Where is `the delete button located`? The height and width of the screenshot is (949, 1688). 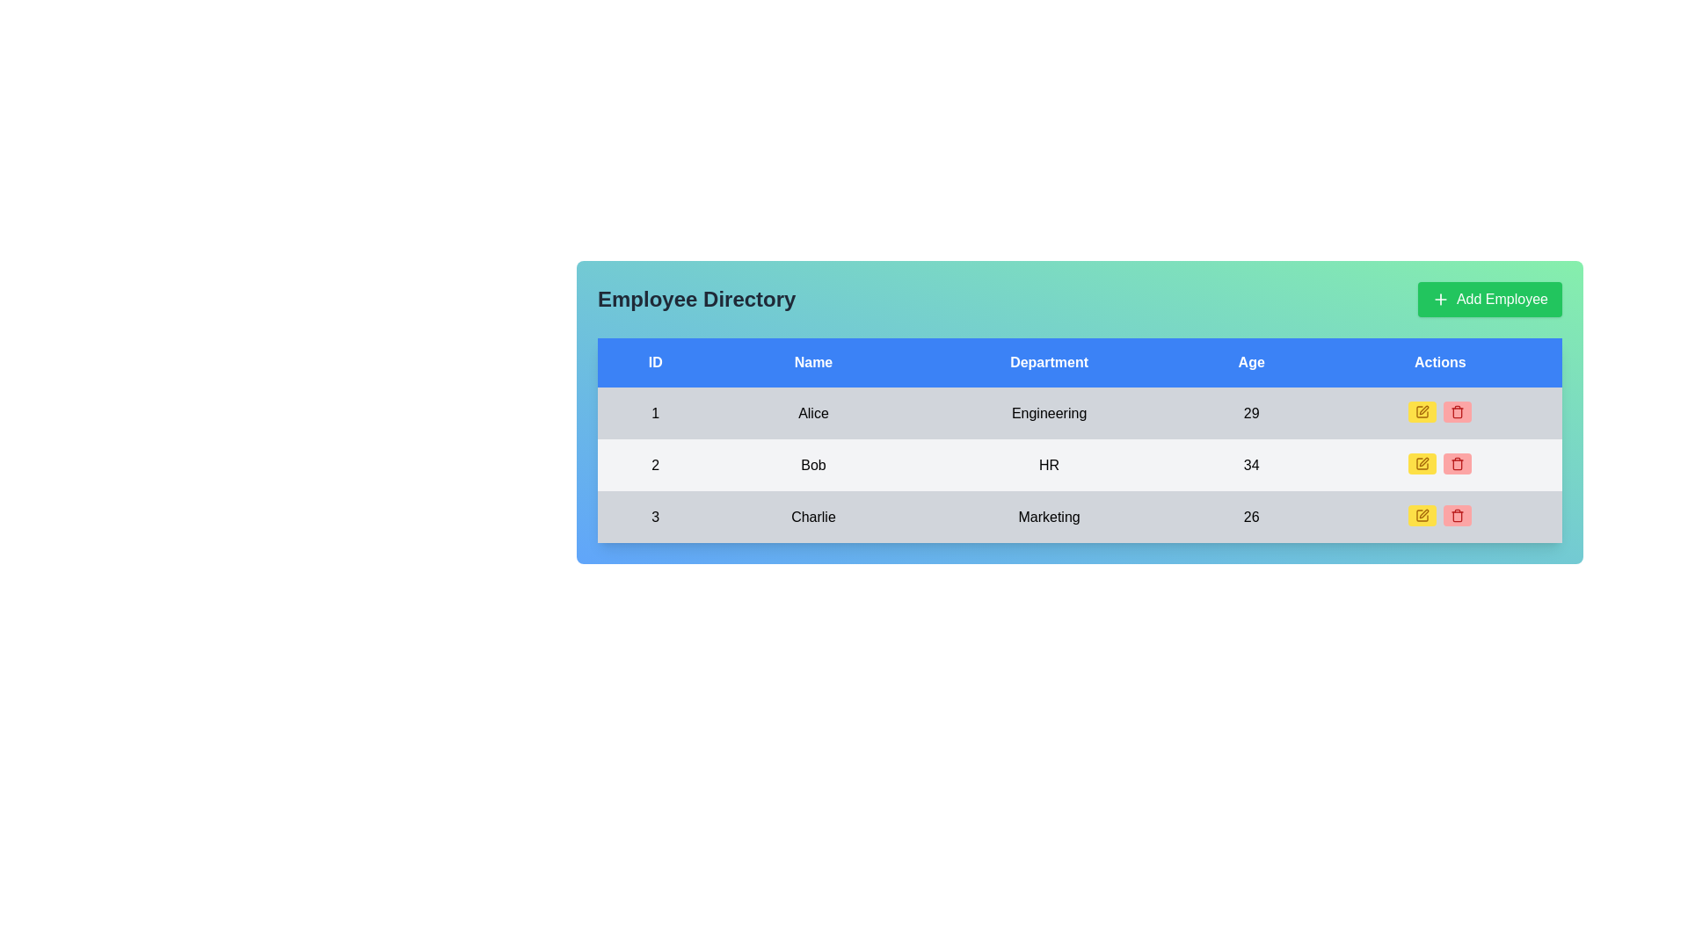 the delete button located is located at coordinates (1457, 514).